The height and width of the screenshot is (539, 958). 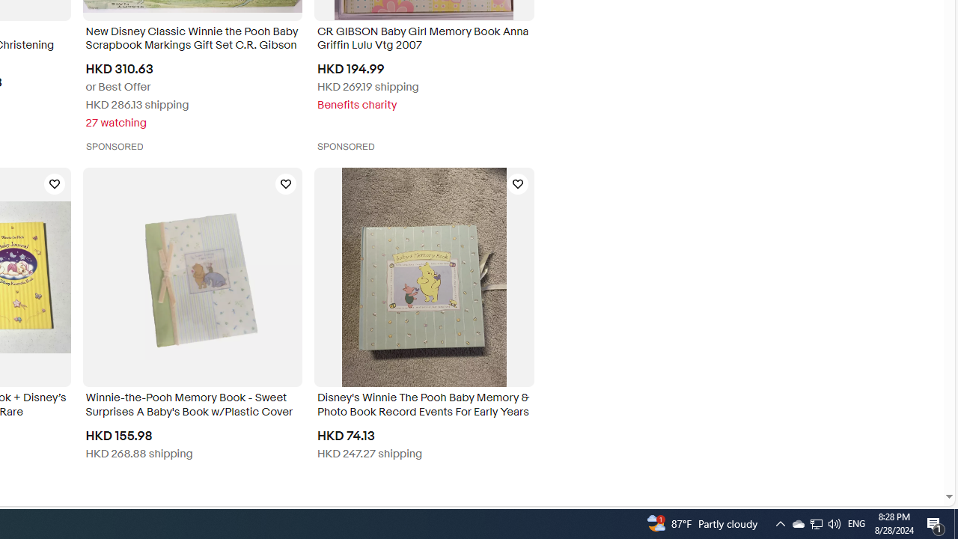 I want to click on 'CR GIBSON Baby Girl Memory Book Anna Griffin Lulu Vtg 2007', so click(x=424, y=40).